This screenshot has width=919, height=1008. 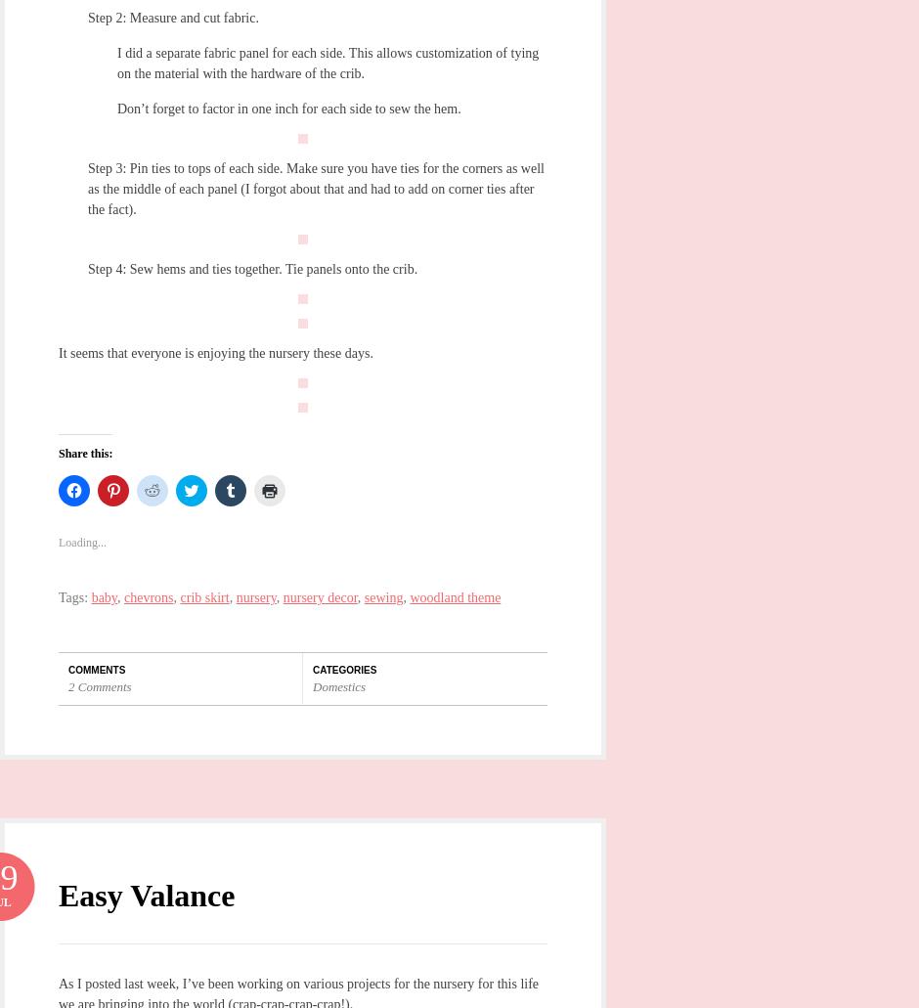 What do you see at coordinates (82, 541) in the screenshot?
I see `'Loading...'` at bounding box center [82, 541].